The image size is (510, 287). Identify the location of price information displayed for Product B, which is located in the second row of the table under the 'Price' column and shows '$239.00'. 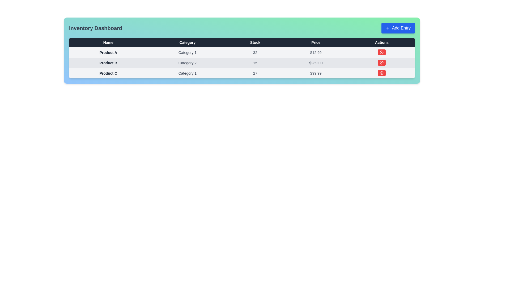
(316, 62).